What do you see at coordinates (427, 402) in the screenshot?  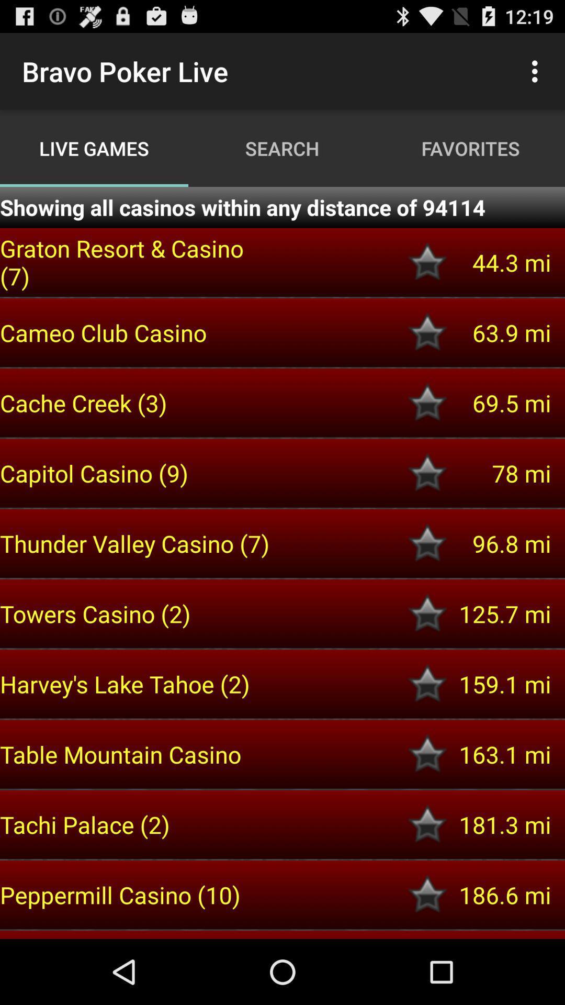 I see `to favorite` at bounding box center [427, 402].